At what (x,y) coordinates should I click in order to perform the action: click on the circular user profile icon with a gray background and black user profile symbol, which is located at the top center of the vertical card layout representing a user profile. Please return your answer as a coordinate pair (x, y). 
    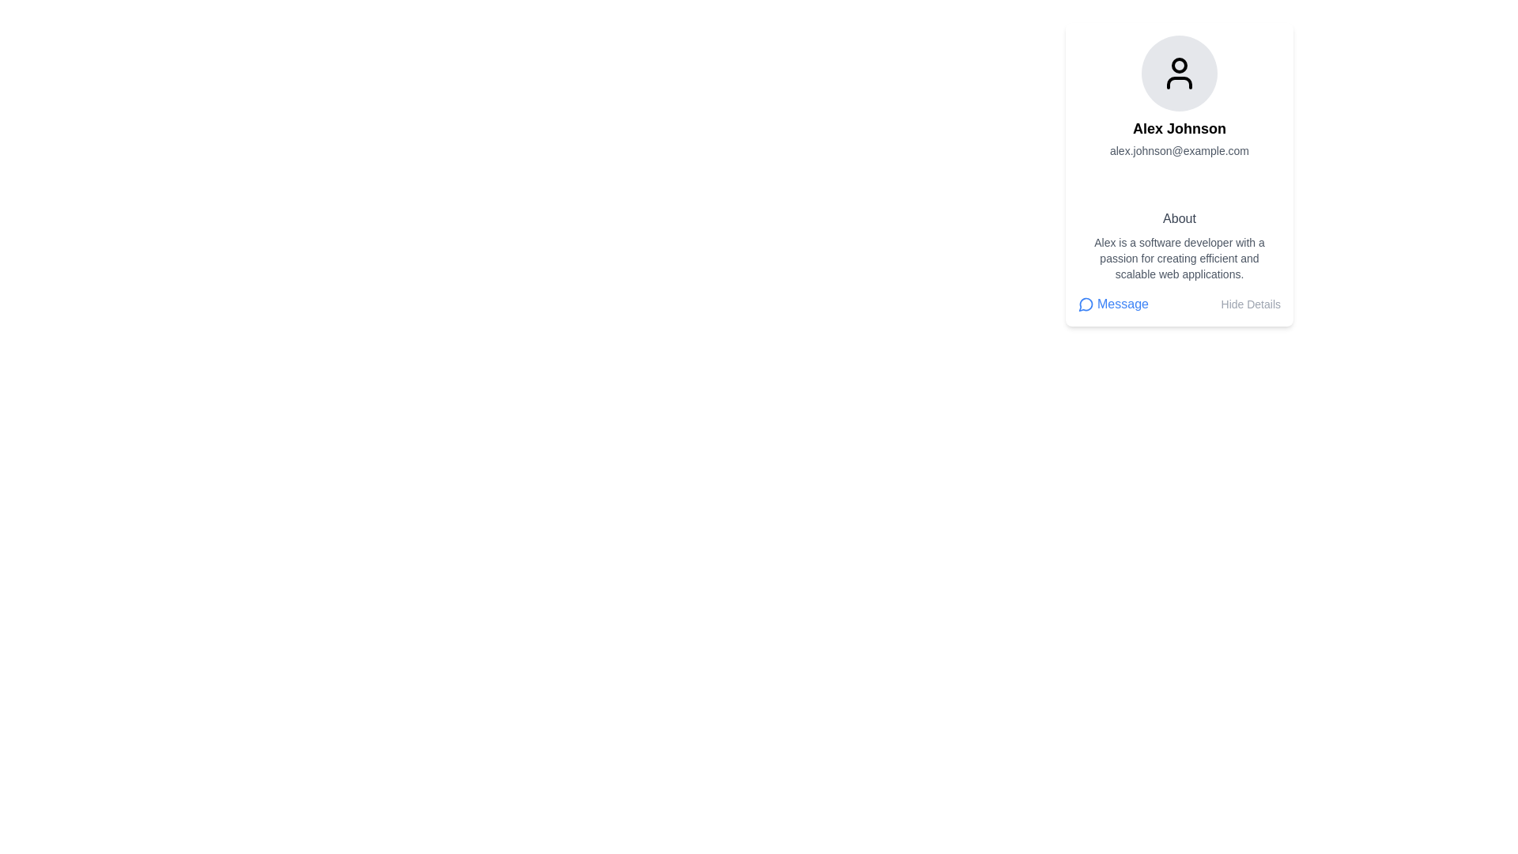
    Looking at the image, I should click on (1180, 73).